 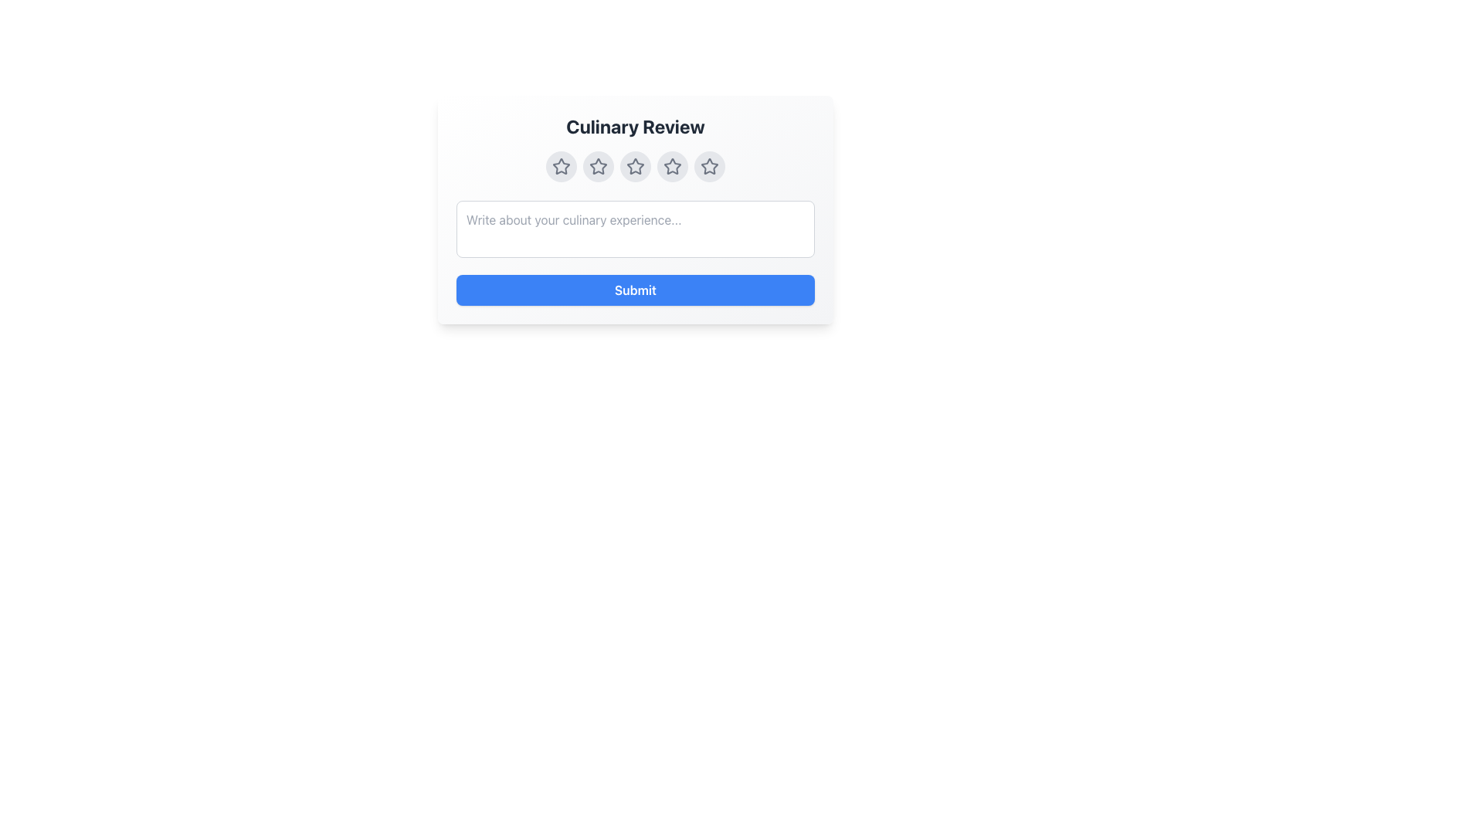 What do you see at coordinates (635, 210) in the screenshot?
I see `the text input field for 'Culinary Review' using the tab key` at bounding box center [635, 210].